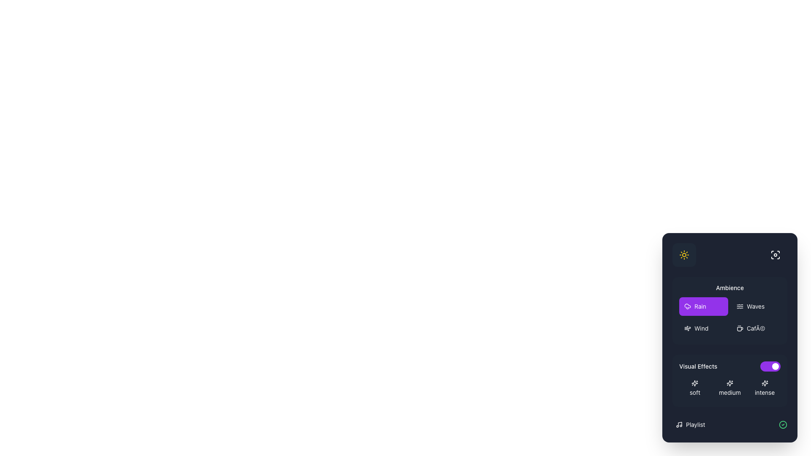 The image size is (811, 456). What do you see at coordinates (679, 425) in the screenshot?
I see `the musical note icon located at the bottom-left corner of the 'Playlist' button` at bounding box center [679, 425].